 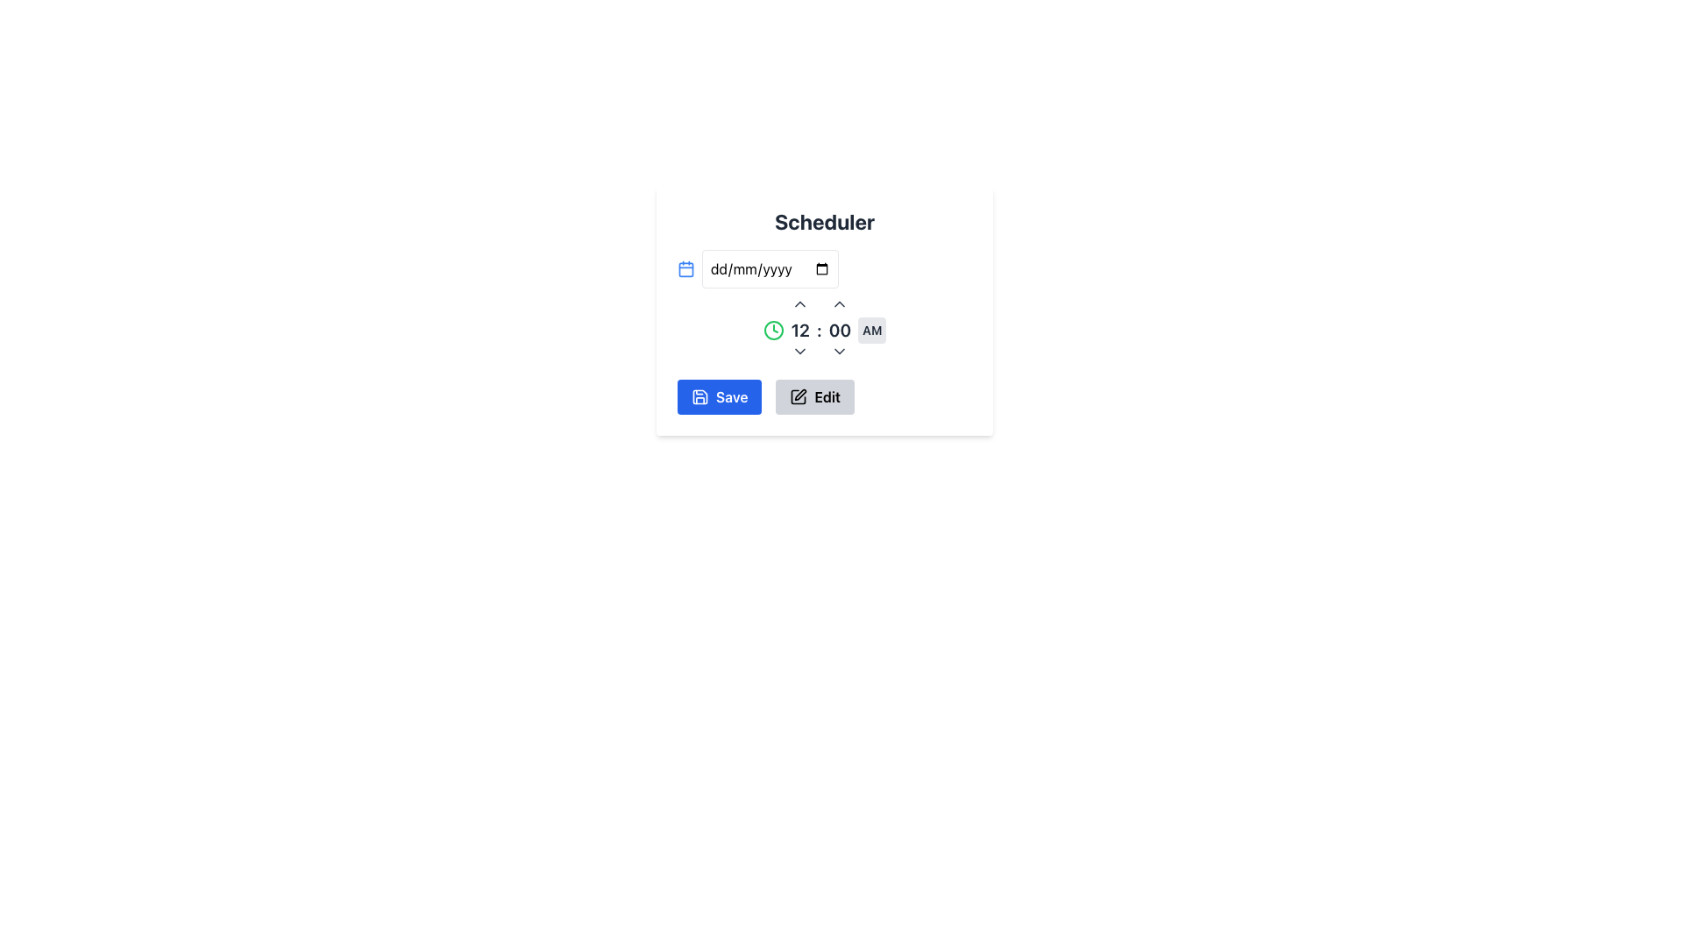 I want to click on the bold, centered text display showing '00' in large dark gray font, located in the middle row of the control structure of the time picker setup, so click(x=839, y=331).